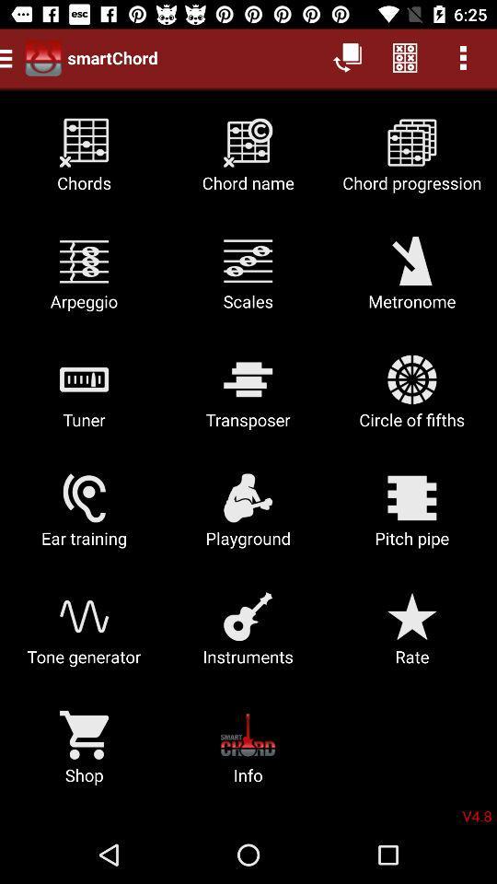 The image size is (497, 884). What do you see at coordinates (8, 57) in the screenshot?
I see `the menu icon` at bounding box center [8, 57].